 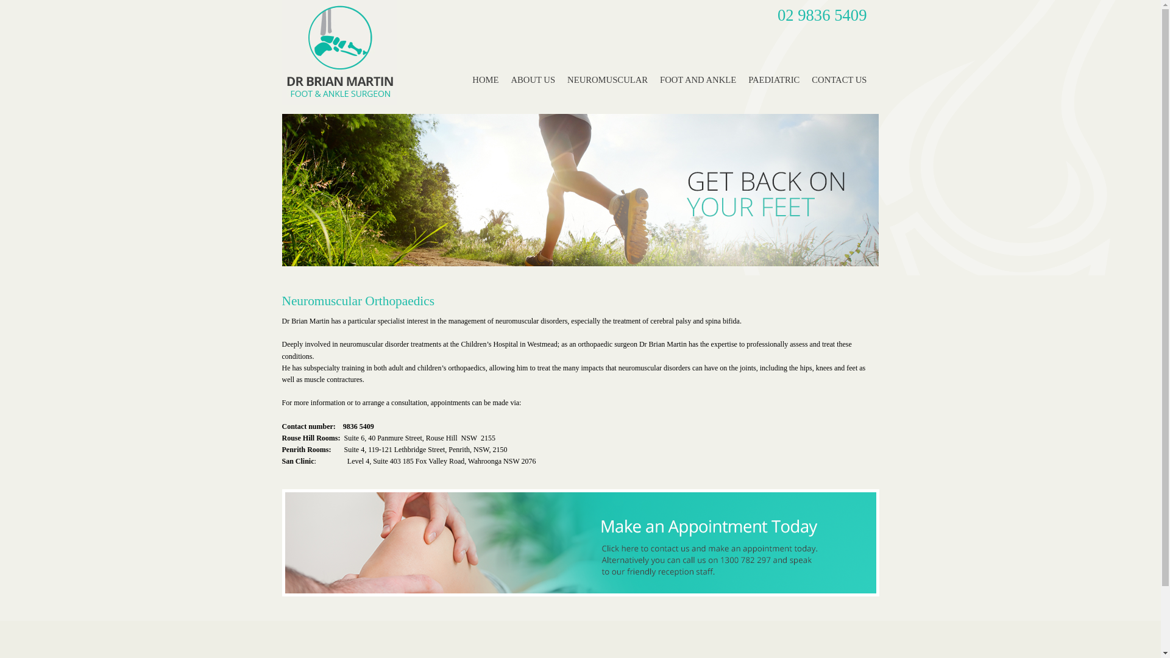 I want to click on 'ABOUT US', so click(x=533, y=80).